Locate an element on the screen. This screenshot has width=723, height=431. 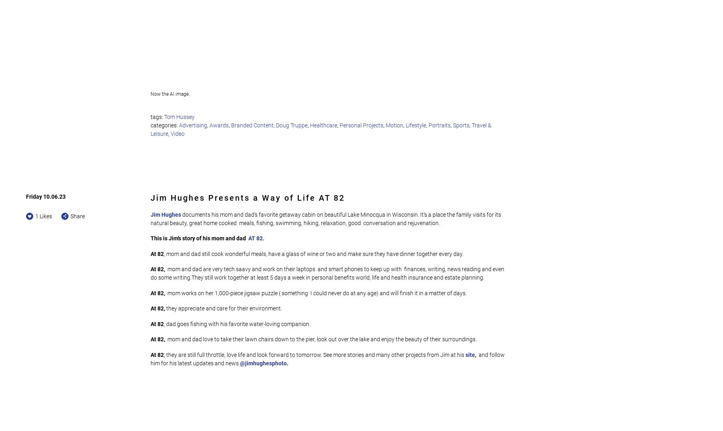
'Portraits' is located at coordinates (429, 125).